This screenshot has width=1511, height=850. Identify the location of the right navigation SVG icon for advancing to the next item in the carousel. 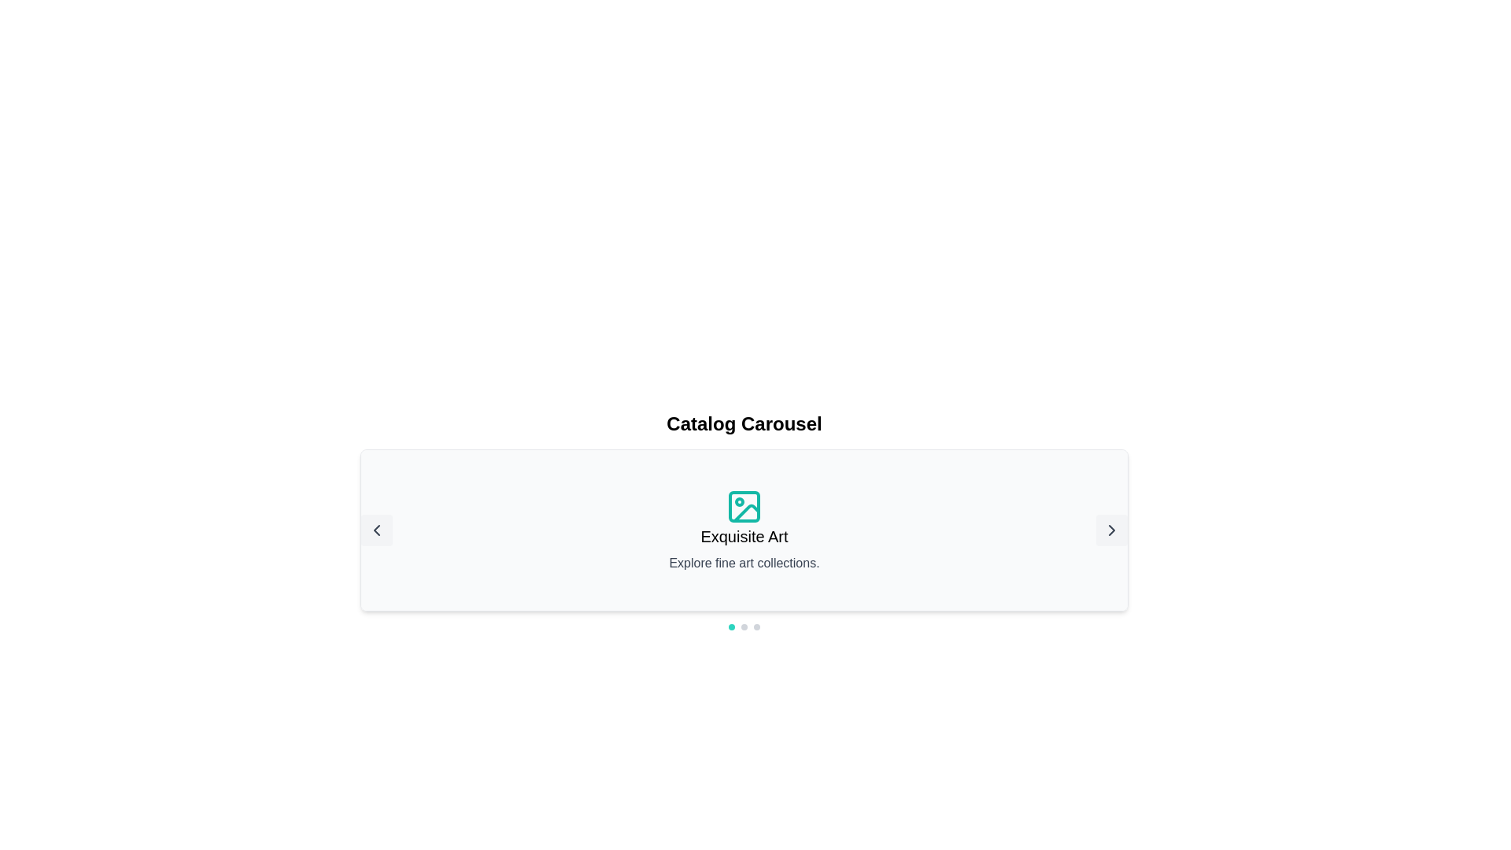
(1110, 530).